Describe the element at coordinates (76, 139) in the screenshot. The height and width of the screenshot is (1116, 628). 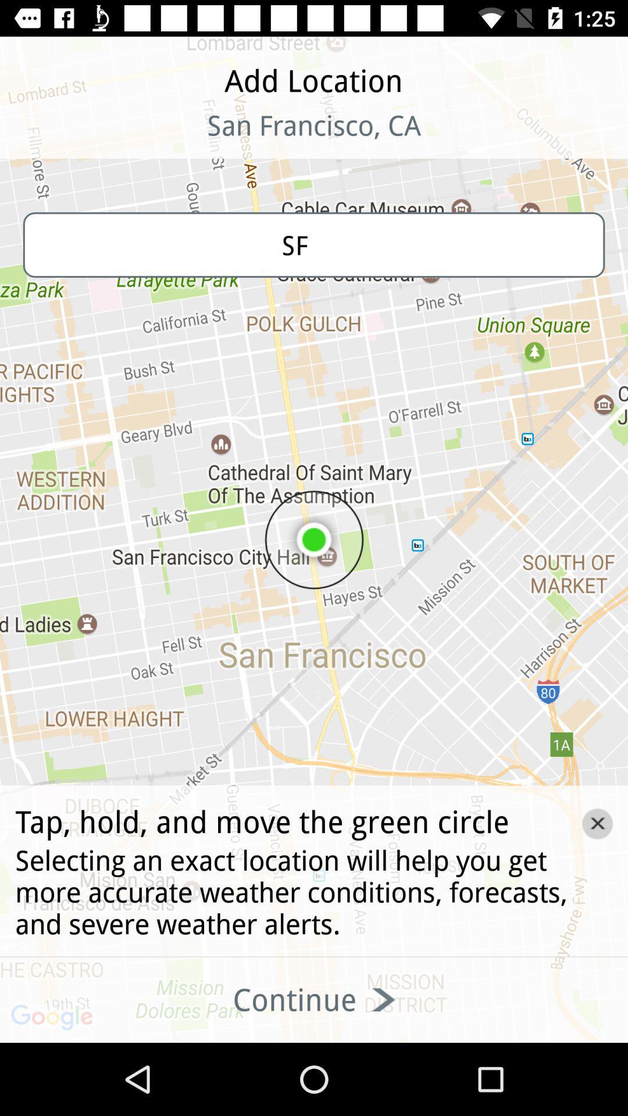
I see `the icon at the top left corner` at that location.